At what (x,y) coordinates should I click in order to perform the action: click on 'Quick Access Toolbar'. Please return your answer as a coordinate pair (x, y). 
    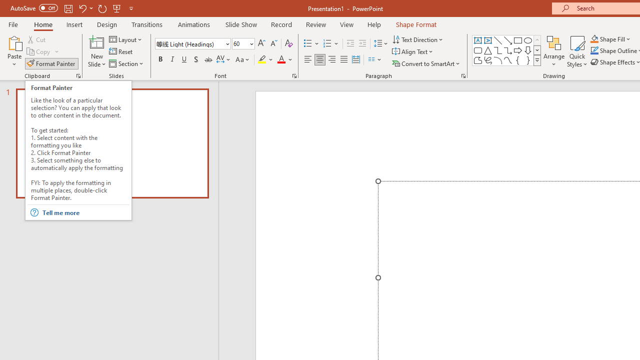
    Looking at the image, I should click on (72, 8).